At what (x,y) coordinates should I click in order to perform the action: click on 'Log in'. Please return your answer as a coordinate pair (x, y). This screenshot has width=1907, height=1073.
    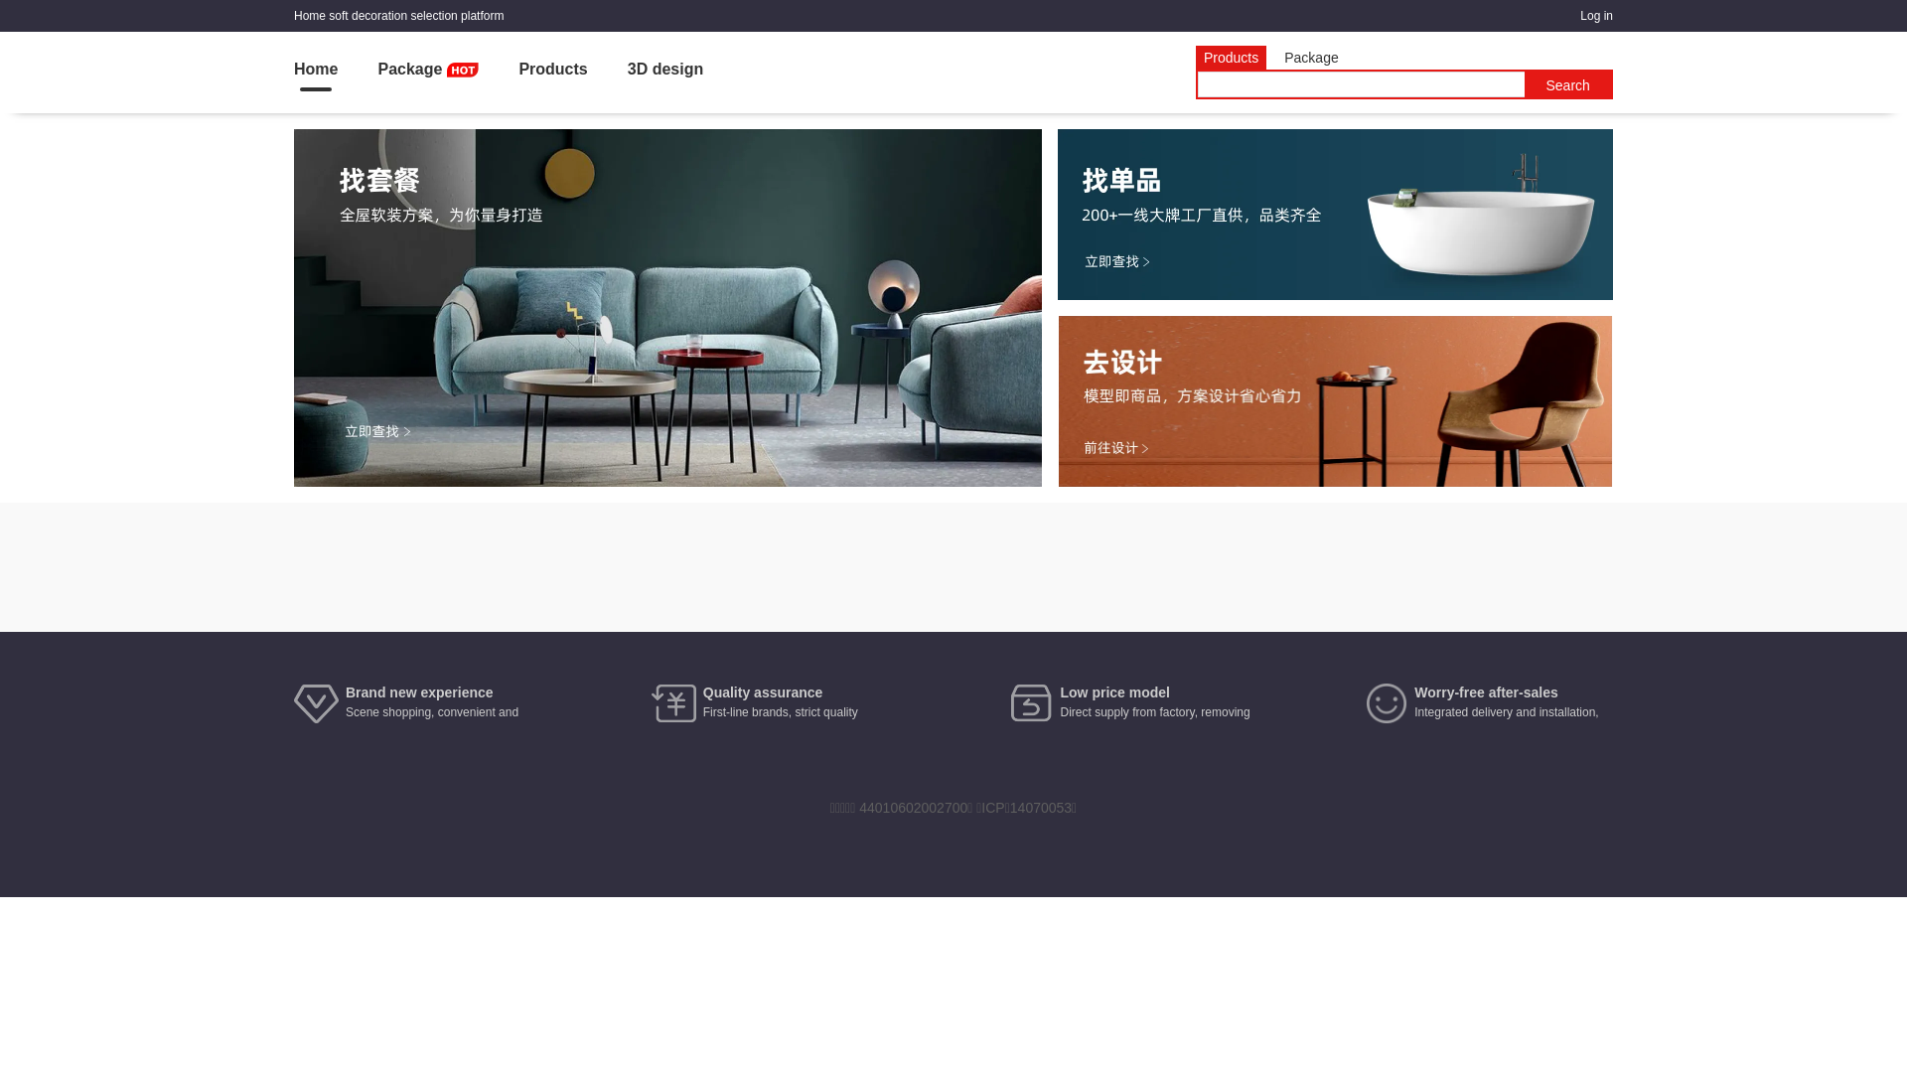
    Looking at the image, I should click on (1596, 15).